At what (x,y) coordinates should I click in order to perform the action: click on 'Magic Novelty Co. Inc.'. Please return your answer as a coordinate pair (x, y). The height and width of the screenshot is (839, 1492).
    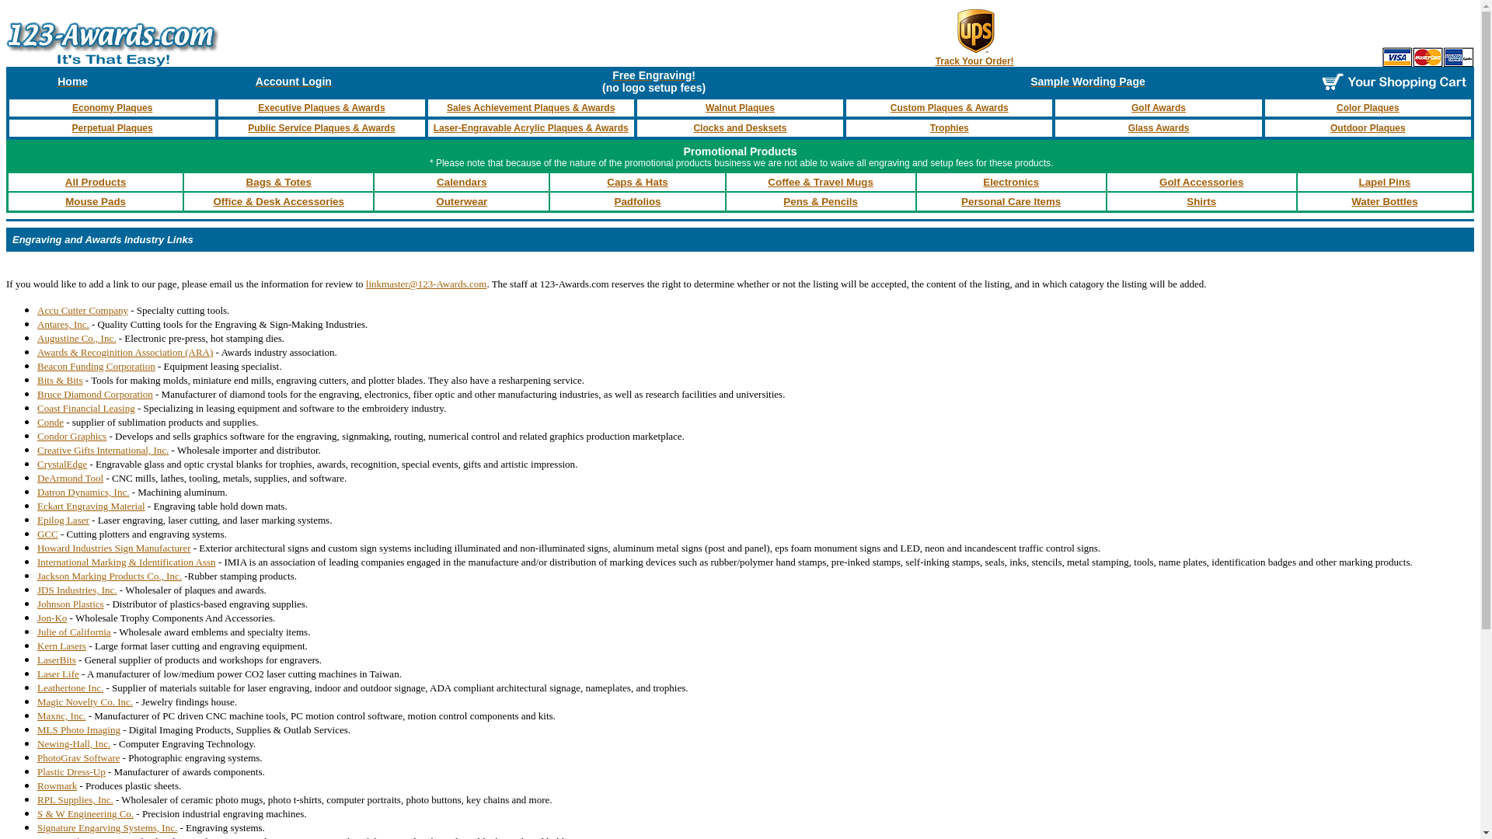
    Looking at the image, I should click on (84, 701).